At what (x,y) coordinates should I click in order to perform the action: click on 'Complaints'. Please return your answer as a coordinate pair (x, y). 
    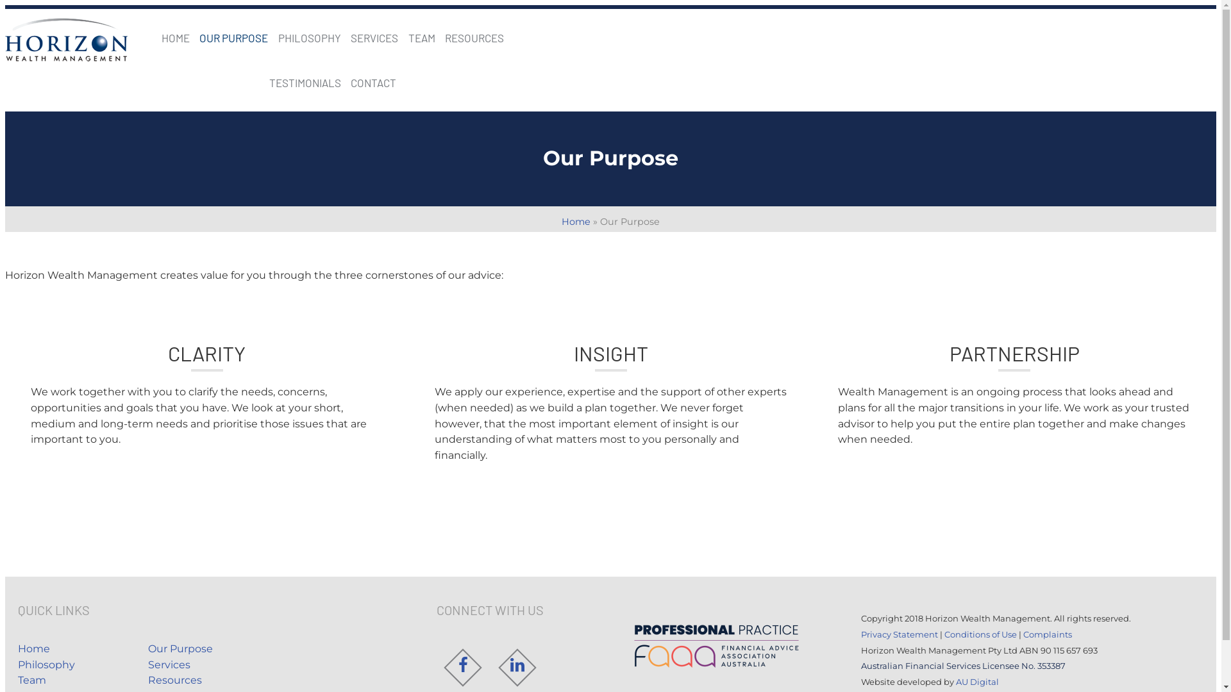
    Looking at the image, I should click on (1047, 634).